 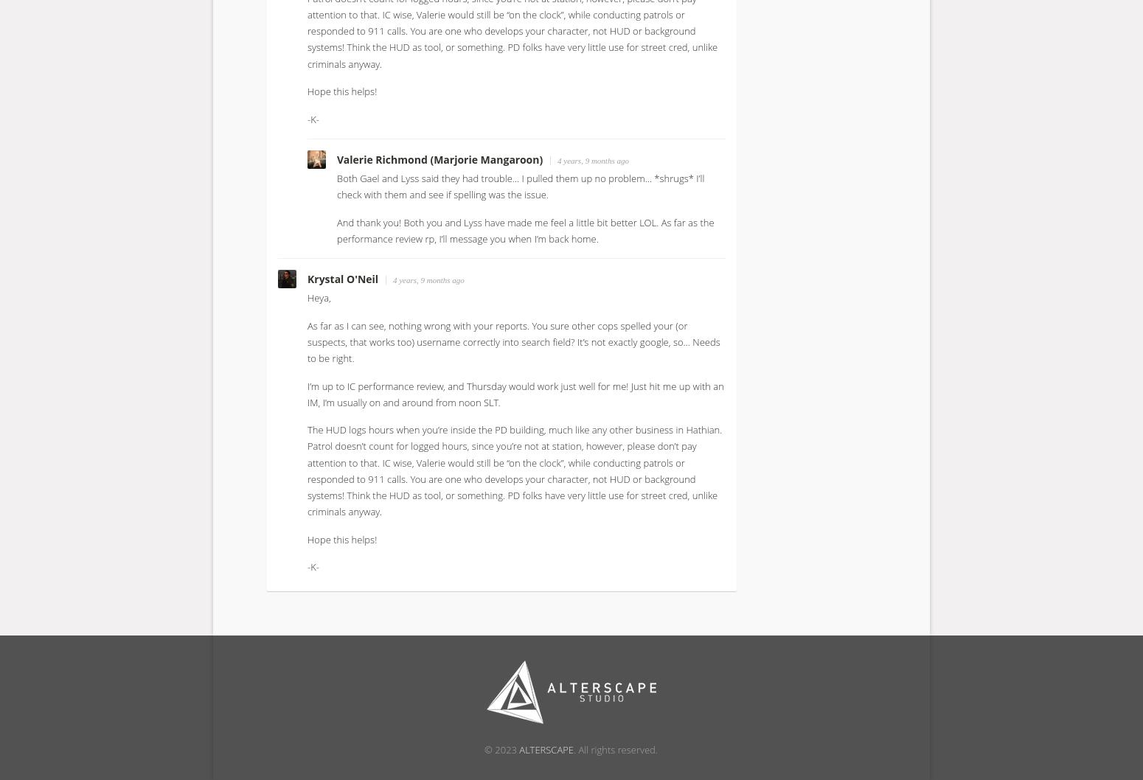 What do you see at coordinates (546, 748) in the screenshot?
I see `'ALTERSCAPE'` at bounding box center [546, 748].